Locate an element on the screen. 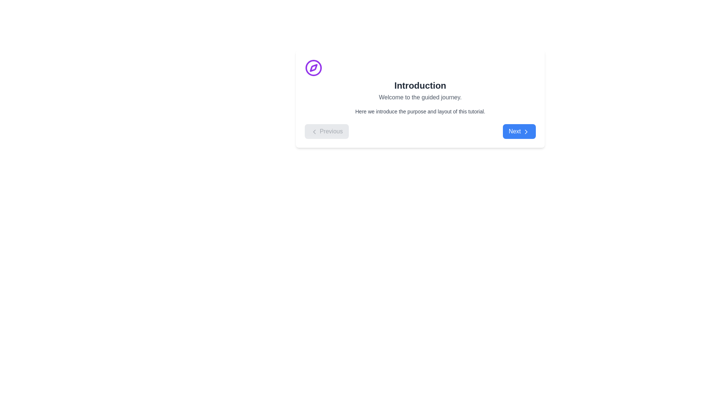  the text element that serves as a title or heading, located centrally above the sentence 'Welcome to the guided journey.' is located at coordinates (420, 85).